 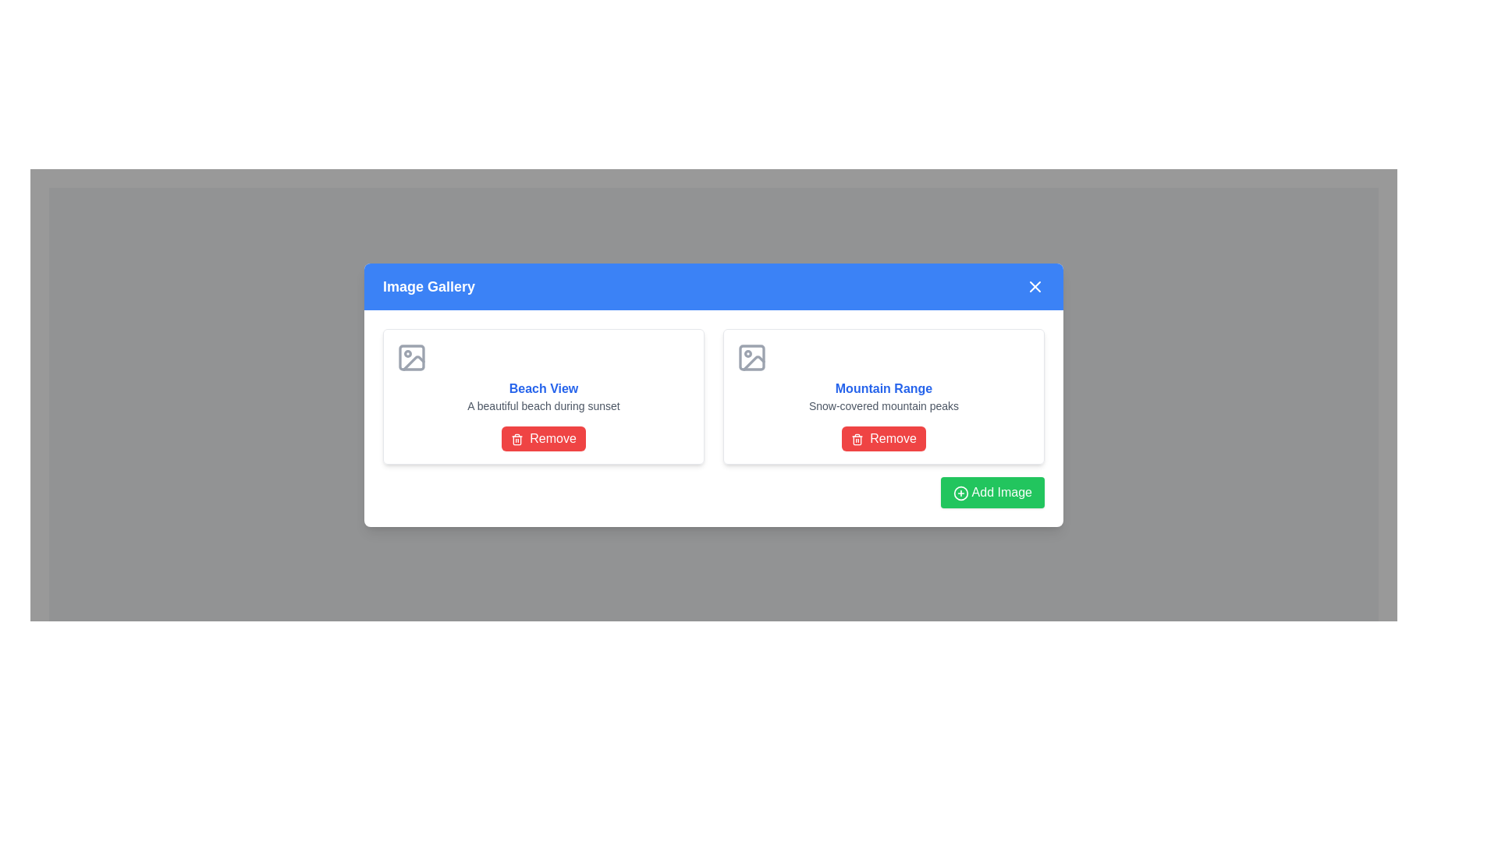 What do you see at coordinates (992, 493) in the screenshot?
I see `the 'Add Image' button located at the bottom-right corner of the dialog box with a green background and white text, which includes a circular icon with a plus sign` at bounding box center [992, 493].